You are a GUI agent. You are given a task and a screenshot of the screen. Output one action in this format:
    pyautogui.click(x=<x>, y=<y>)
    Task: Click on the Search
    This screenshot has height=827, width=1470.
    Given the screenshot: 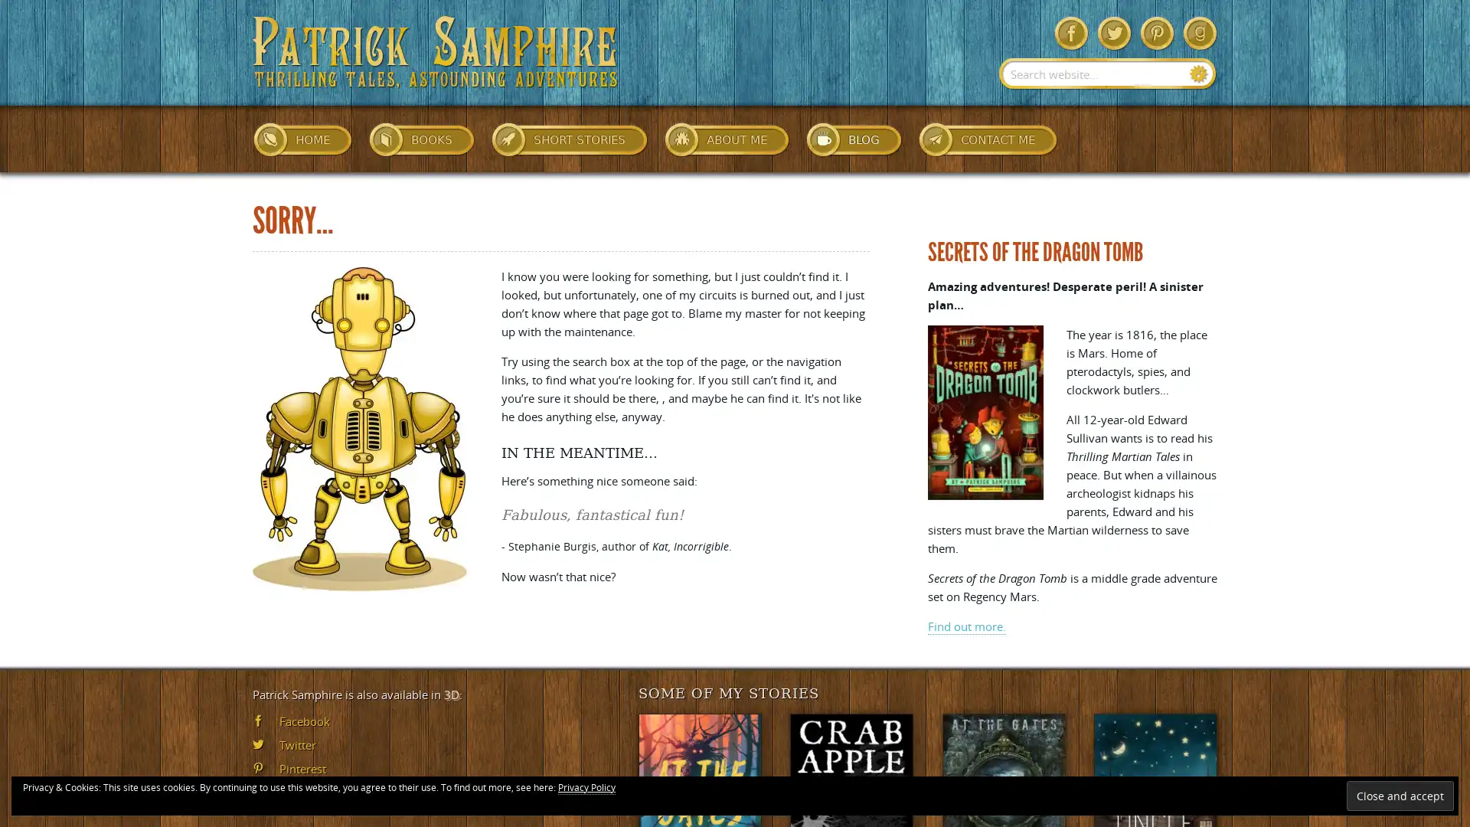 What is the action you would take?
    pyautogui.click(x=1198, y=74)
    